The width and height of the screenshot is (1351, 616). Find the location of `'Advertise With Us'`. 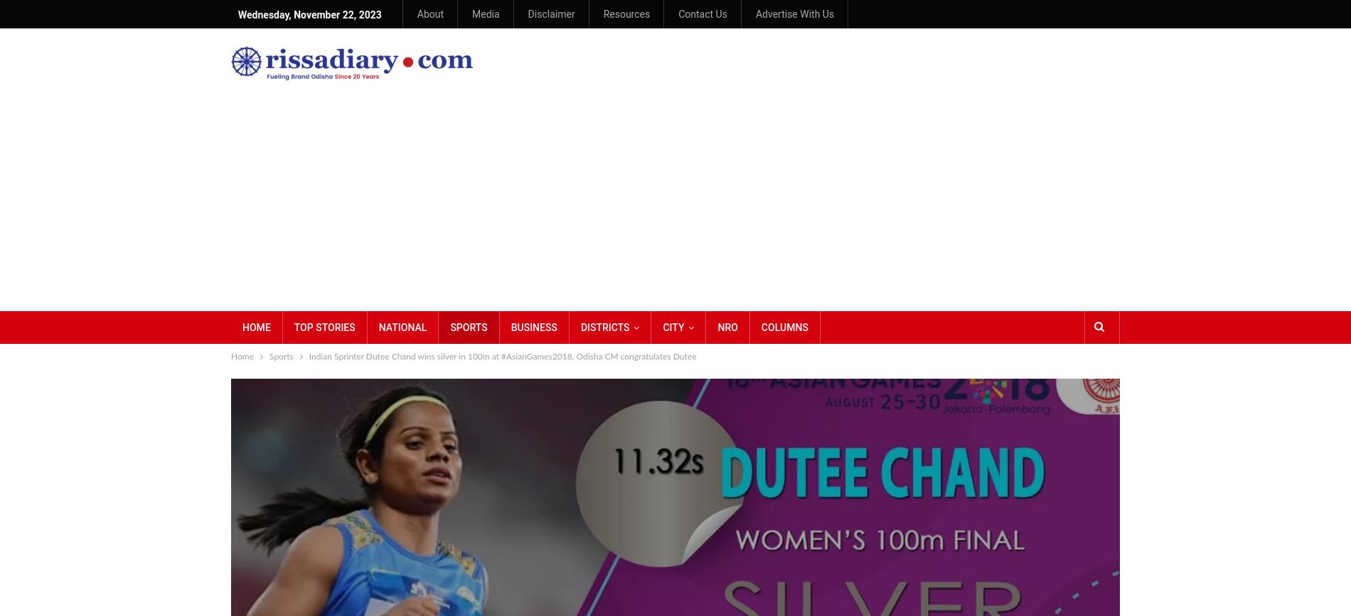

'Advertise With Us' is located at coordinates (794, 14).